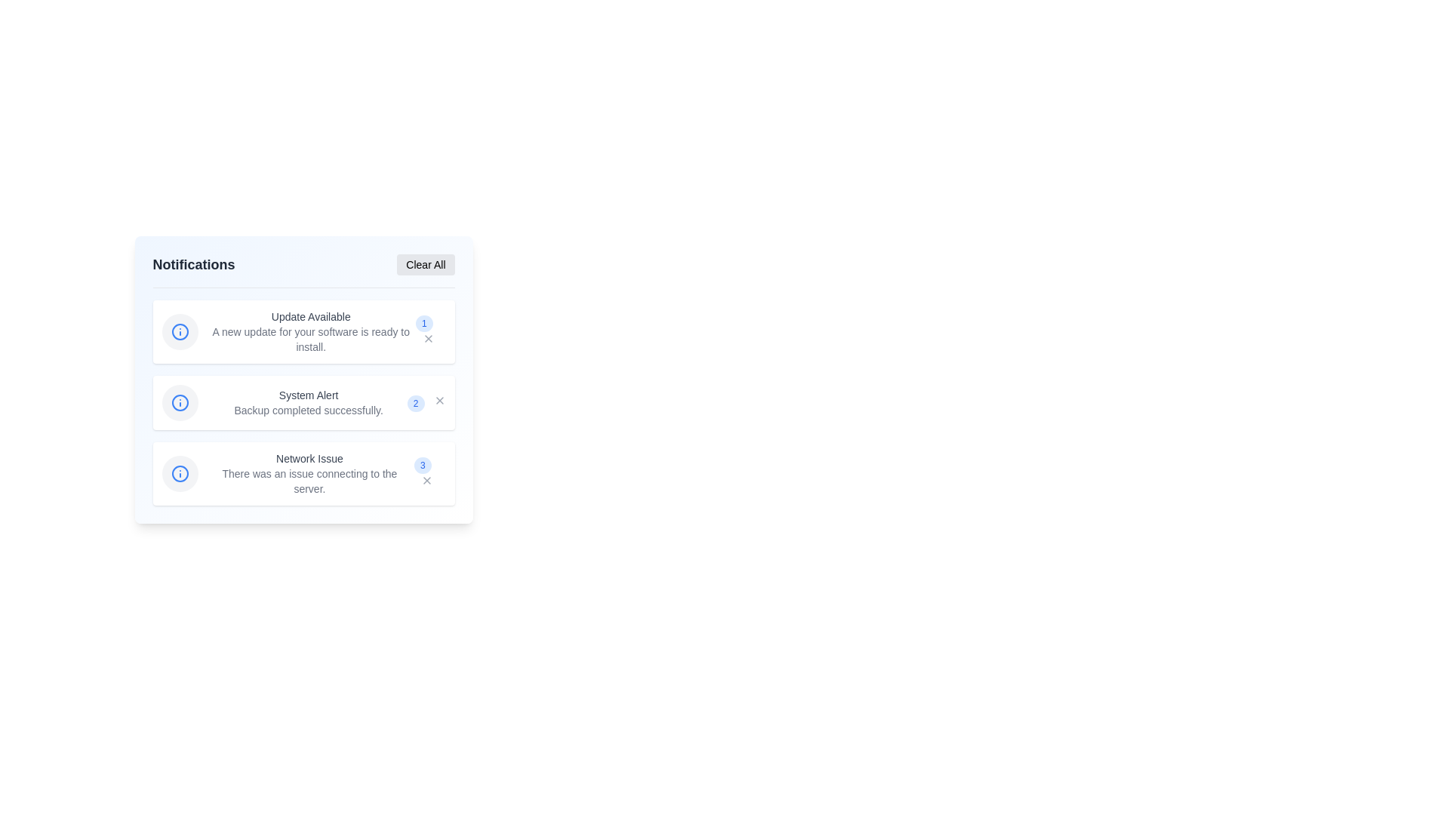 The height and width of the screenshot is (815, 1449). Describe the element at coordinates (310, 316) in the screenshot. I see `the Text Label displaying 'Update Available', which is centrally aligned in the notification area and positioned above the update description text` at that location.